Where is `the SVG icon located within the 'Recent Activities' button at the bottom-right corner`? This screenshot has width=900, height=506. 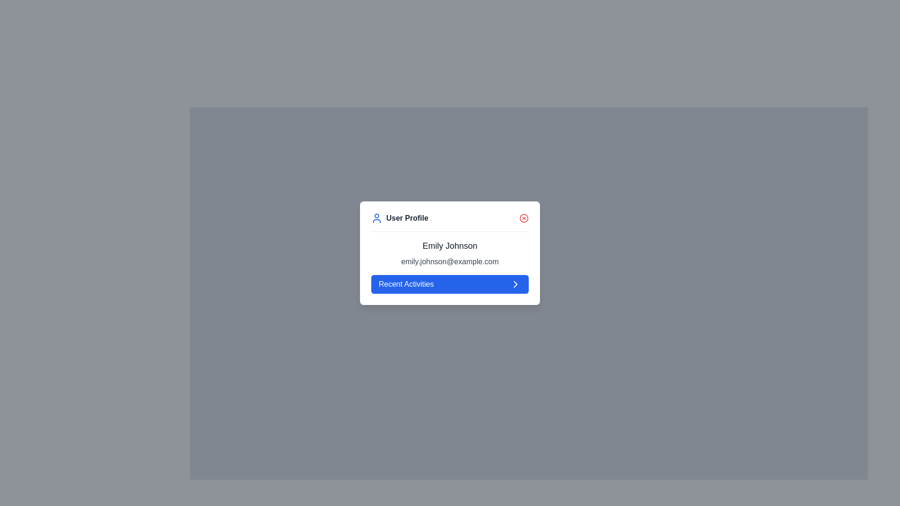
the SVG icon located within the 'Recent Activities' button at the bottom-right corner is located at coordinates (515, 283).